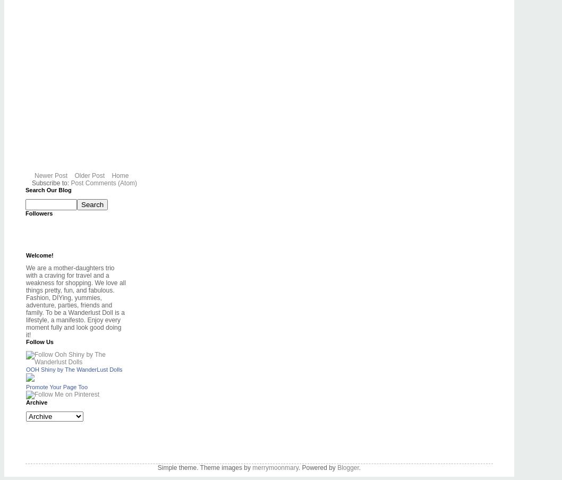 Image resolution: width=562 pixels, height=480 pixels. I want to click on '.', so click(359, 467).